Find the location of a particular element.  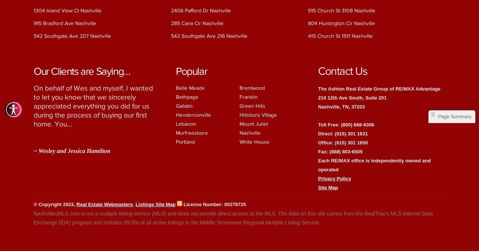

'915 Bradford Ave Nashville' is located at coordinates (65, 23).